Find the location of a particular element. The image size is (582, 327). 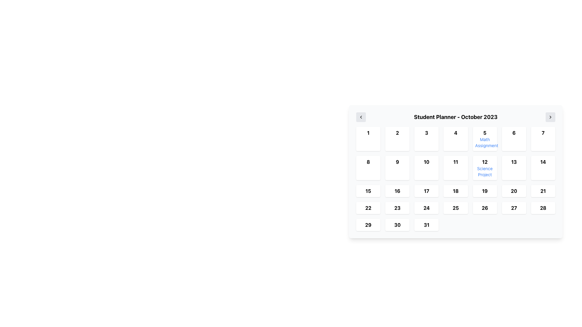

the bold number '2' in the second grid cell of the calendar under 'Student Planner - October 2023' is located at coordinates (397, 133).